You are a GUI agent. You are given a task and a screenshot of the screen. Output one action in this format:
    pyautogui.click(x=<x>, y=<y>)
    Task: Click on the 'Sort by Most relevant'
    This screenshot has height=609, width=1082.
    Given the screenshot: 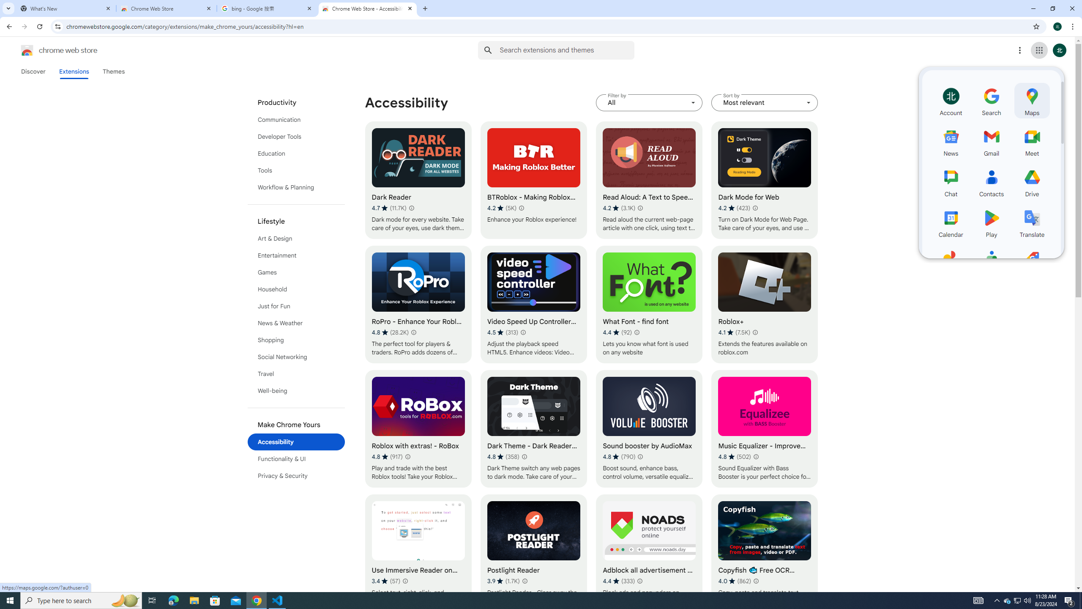 What is the action you would take?
    pyautogui.click(x=764, y=102)
    